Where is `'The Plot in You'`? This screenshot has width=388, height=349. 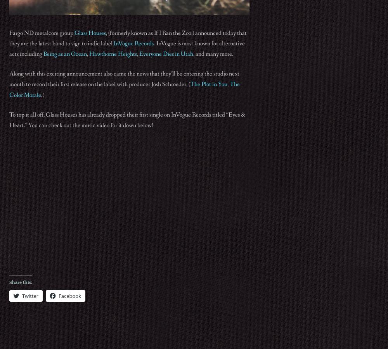
'The Plot in You' is located at coordinates (190, 84).